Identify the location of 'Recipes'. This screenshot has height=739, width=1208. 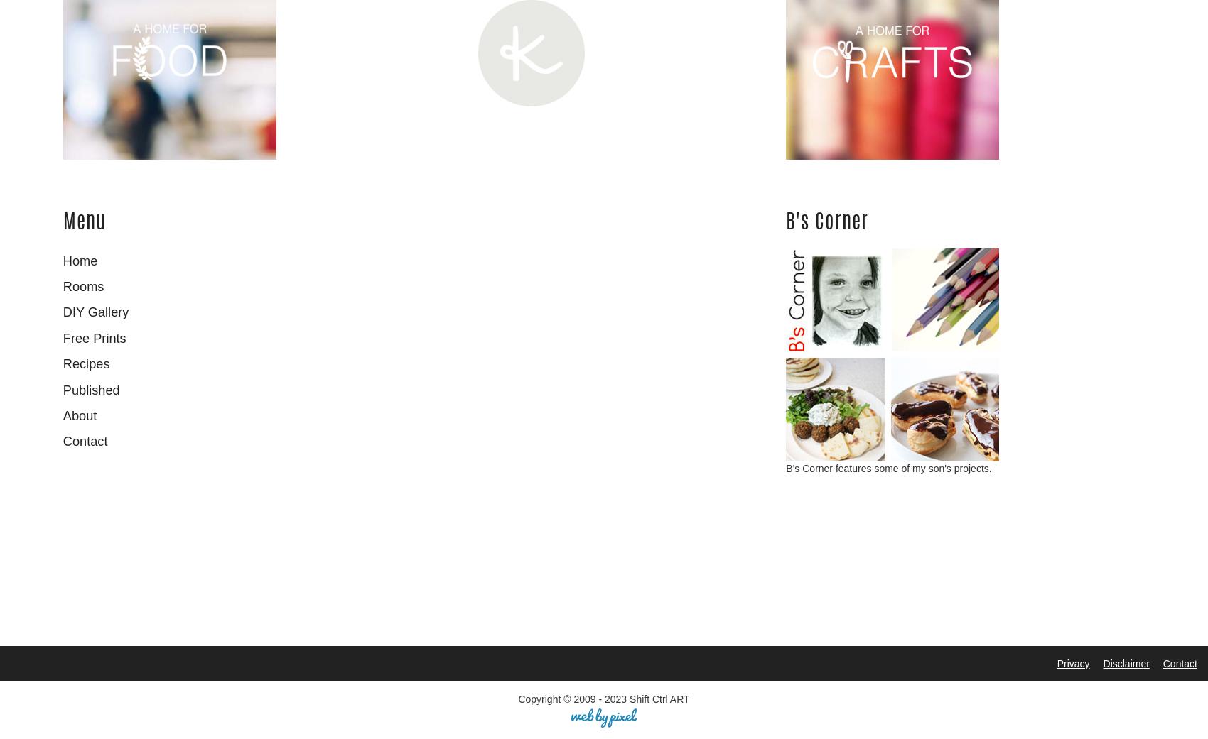
(85, 363).